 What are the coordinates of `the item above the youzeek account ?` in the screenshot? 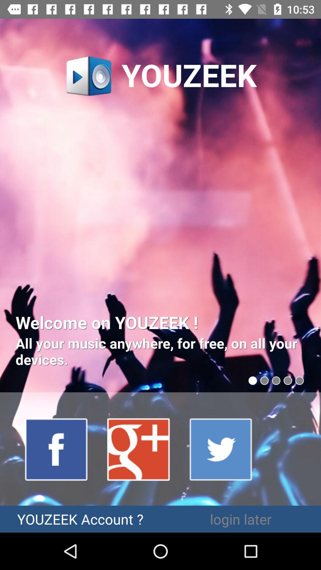 It's located at (56, 449).